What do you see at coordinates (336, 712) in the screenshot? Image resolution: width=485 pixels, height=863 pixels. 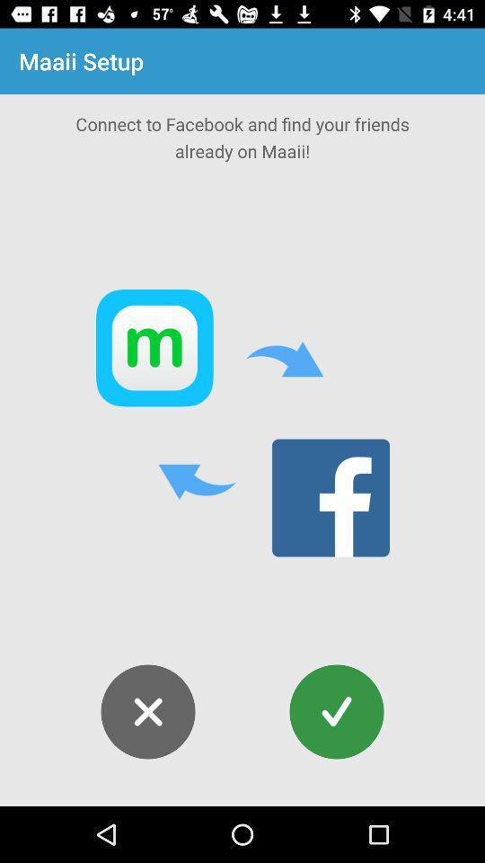 I see `accept submit confirm` at bounding box center [336, 712].